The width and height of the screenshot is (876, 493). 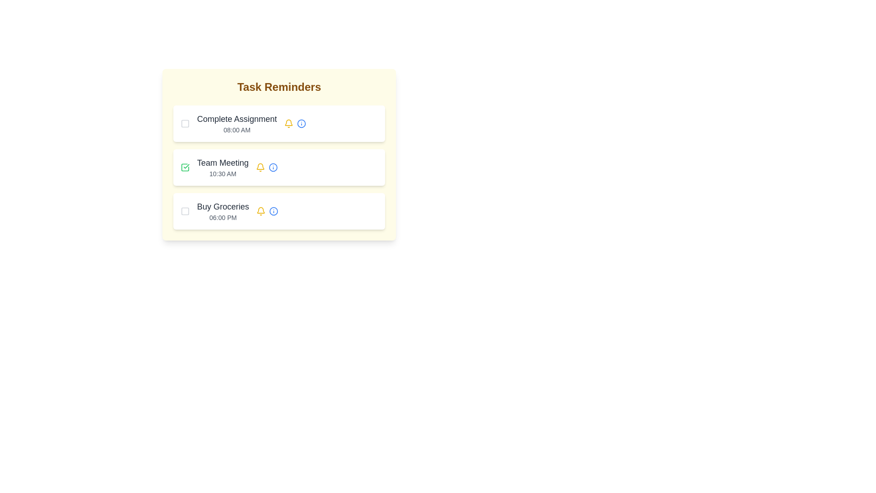 I want to click on contents of the Text label indicating the task name and its associated time, which is part of the first entry in the vertical list of task reminders under 'Task Reminders', so click(x=237, y=123).